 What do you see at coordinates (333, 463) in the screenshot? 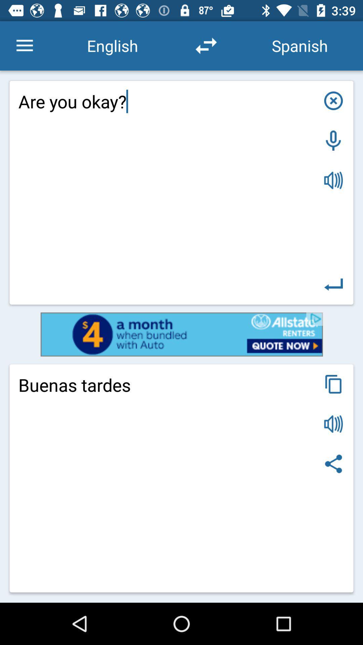
I see `share icon` at bounding box center [333, 463].